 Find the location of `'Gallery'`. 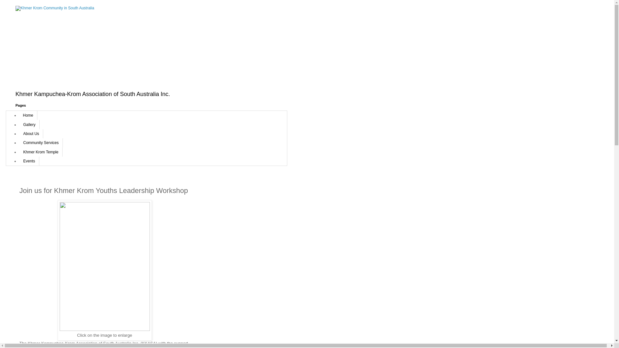

'Gallery' is located at coordinates (29, 124).